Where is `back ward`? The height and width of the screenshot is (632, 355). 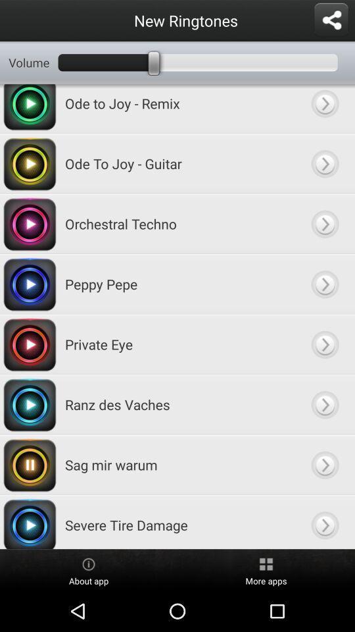
back ward is located at coordinates (324, 284).